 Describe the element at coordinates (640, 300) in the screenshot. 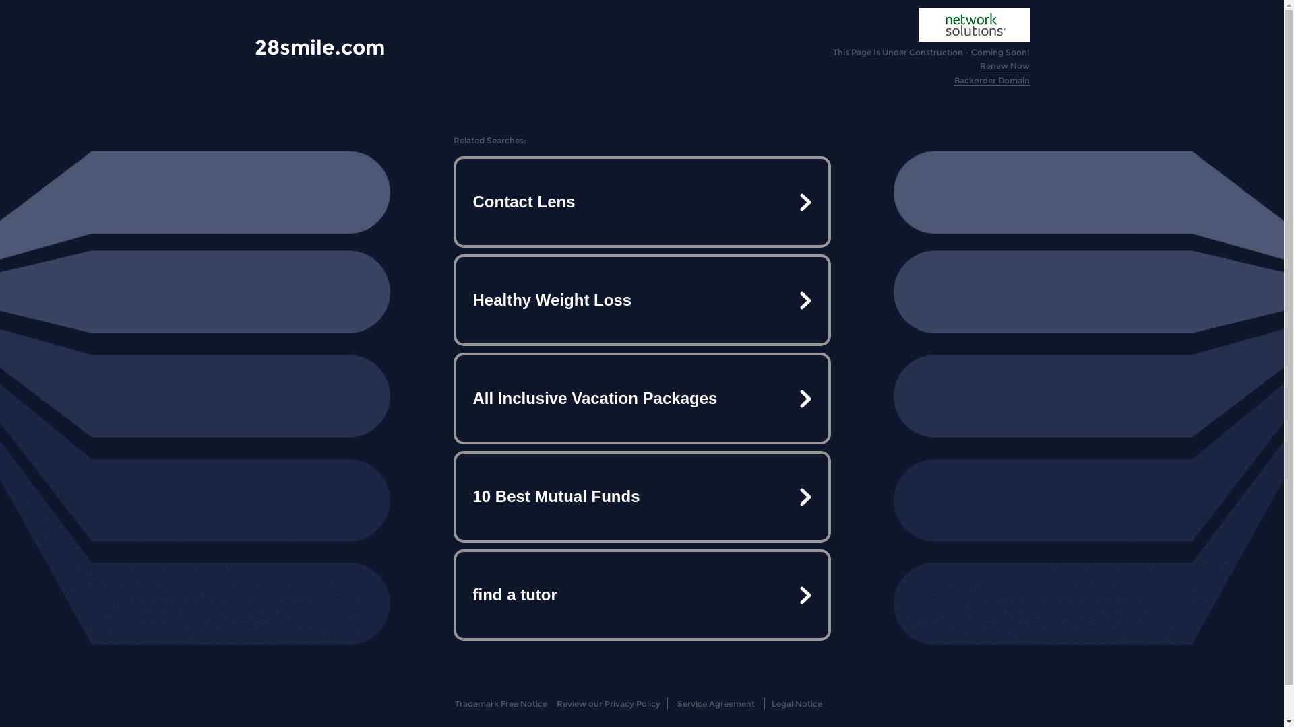

I see `'Healthy Weight Loss'` at that location.